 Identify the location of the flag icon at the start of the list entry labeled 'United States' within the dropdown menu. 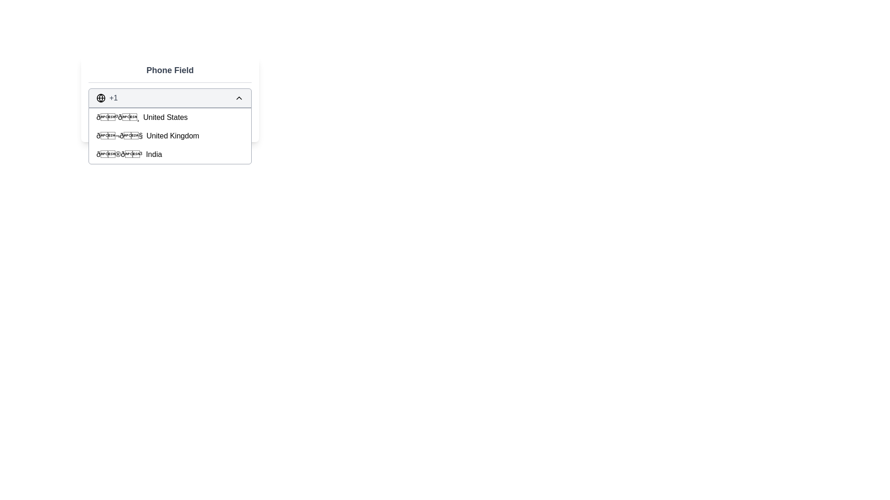
(117, 117).